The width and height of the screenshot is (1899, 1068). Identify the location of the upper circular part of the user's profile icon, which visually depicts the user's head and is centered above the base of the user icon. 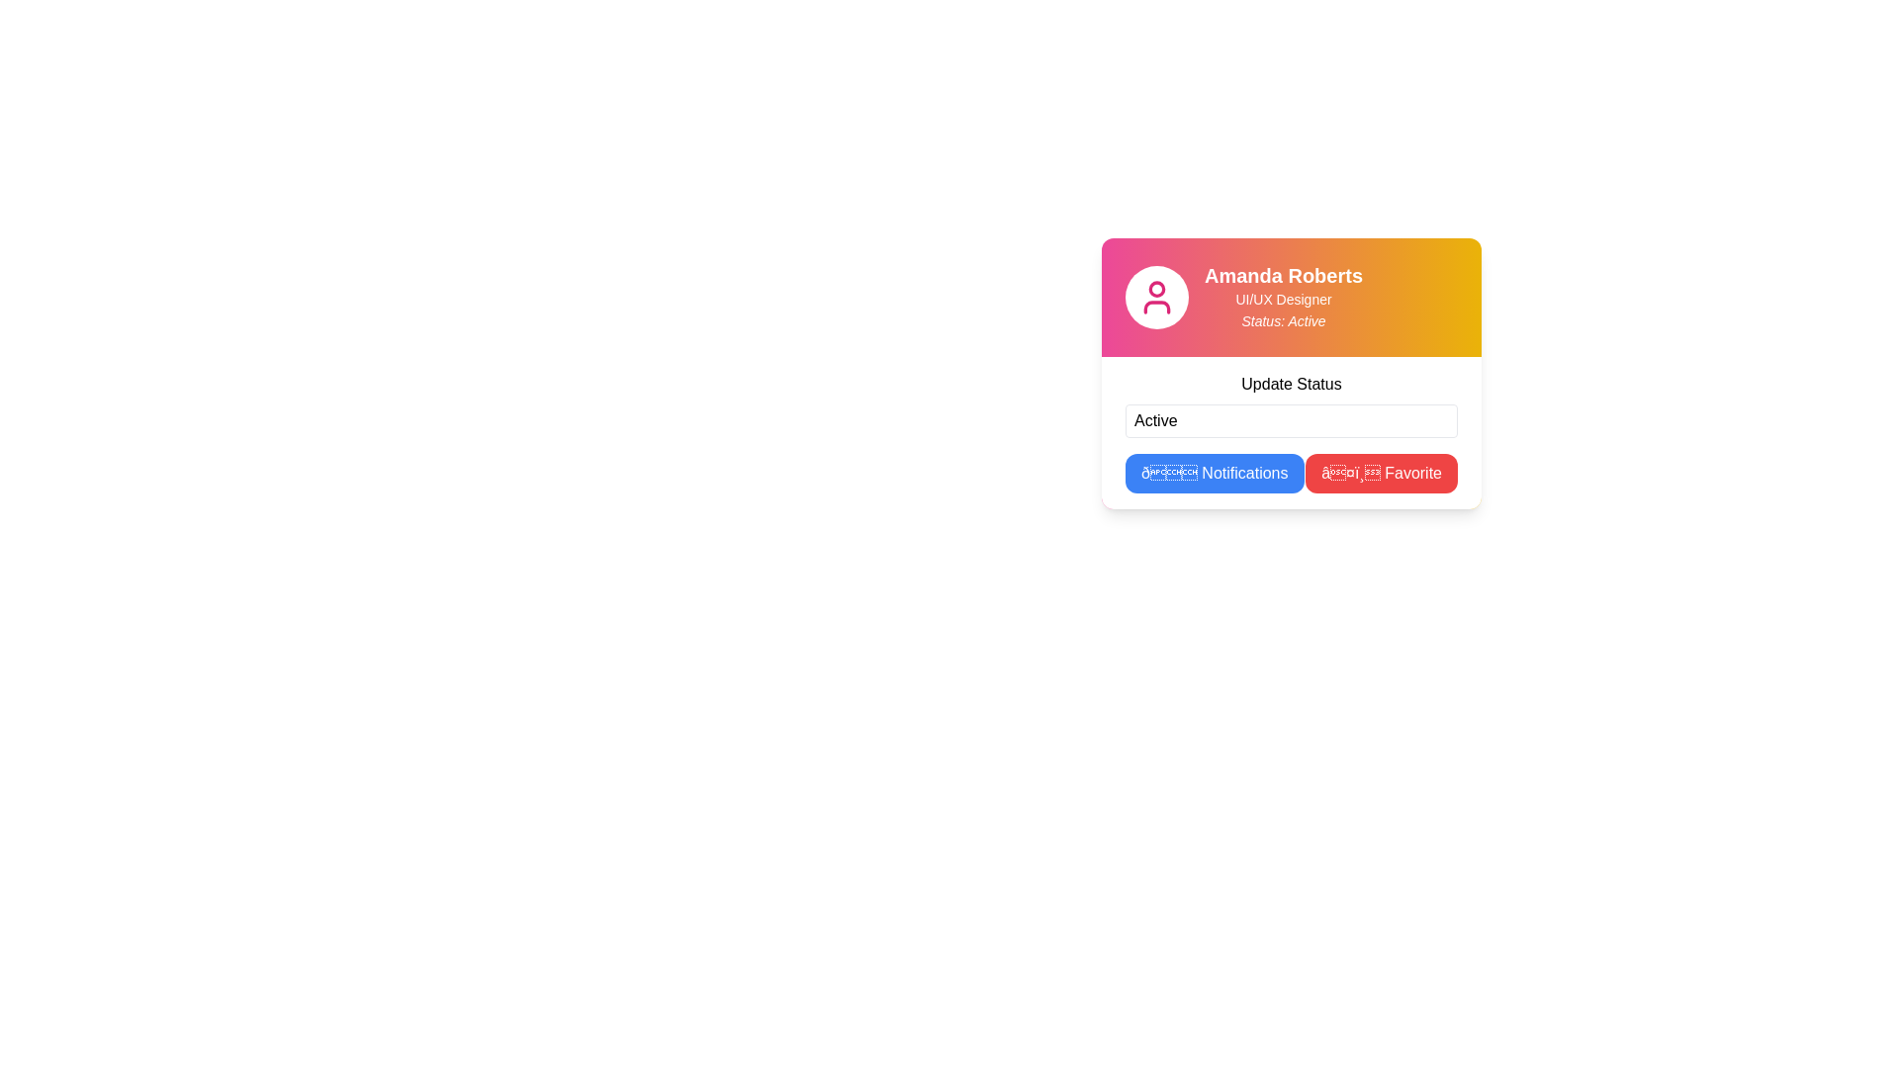
(1157, 289).